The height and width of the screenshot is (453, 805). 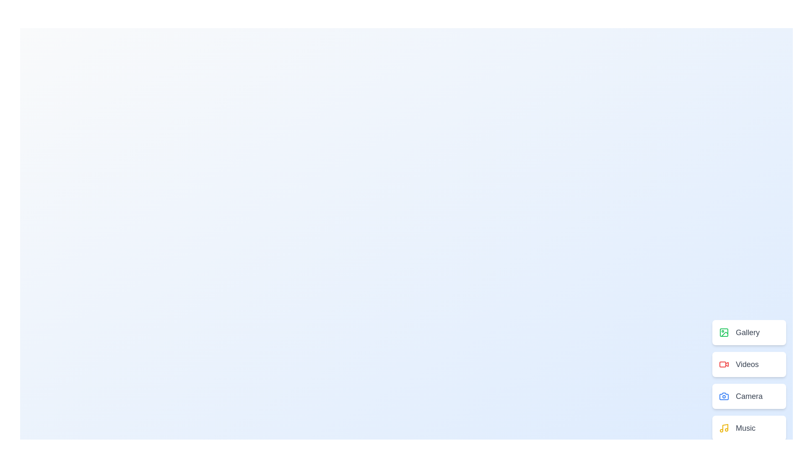 What do you see at coordinates (749, 332) in the screenshot?
I see `the menu option labeled Gallery` at bounding box center [749, 332].